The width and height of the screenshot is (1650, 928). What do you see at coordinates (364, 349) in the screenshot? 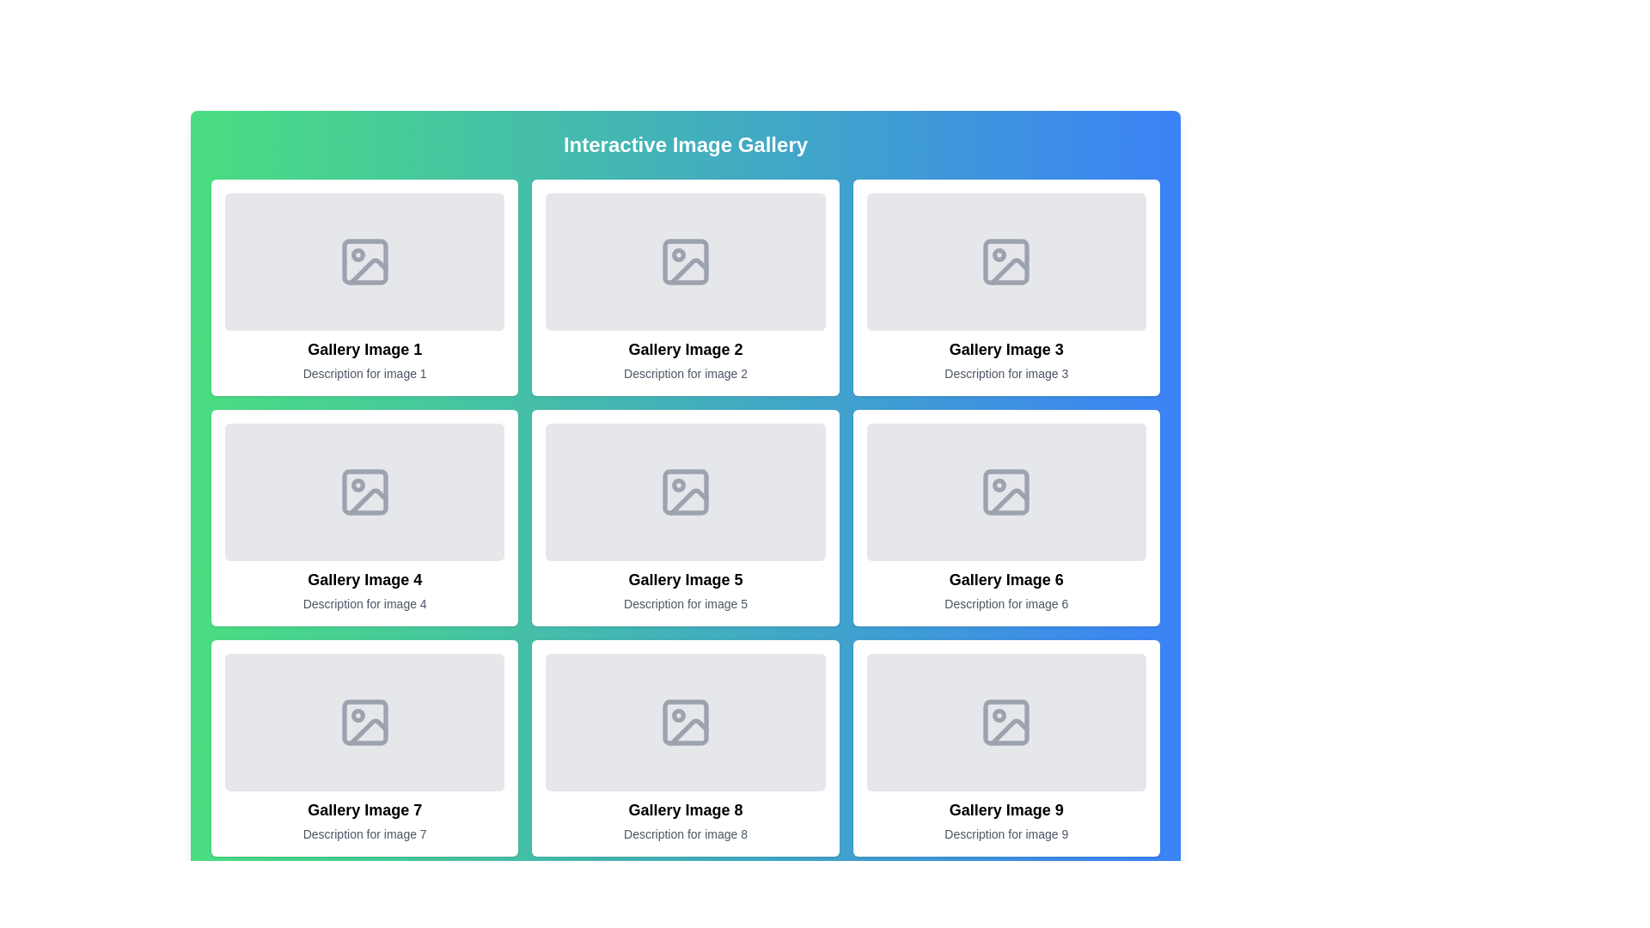
I see `the title label for the gallery image, which is positioned beneath the placeholder image and above the smaller text 'Description for image 1'` at bounding box center [364, 349].